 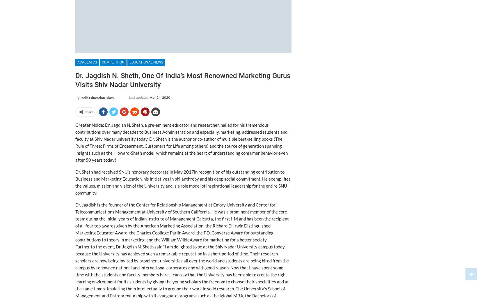 What do you see at coordinates (159, 97) in the screenshot?
I see `'Apr 24, 2020'` at bounding box center [159, 97].